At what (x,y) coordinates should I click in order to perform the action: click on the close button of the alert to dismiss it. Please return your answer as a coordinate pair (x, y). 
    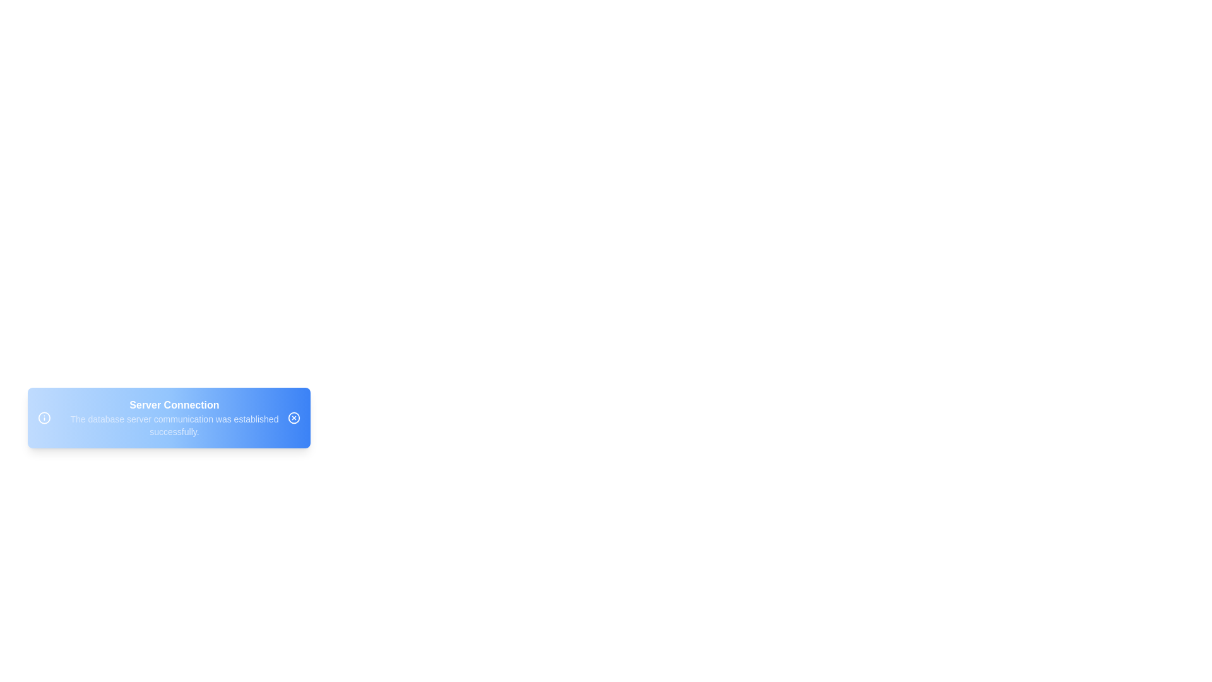
    Looking at the image, I should click on (293, 418).